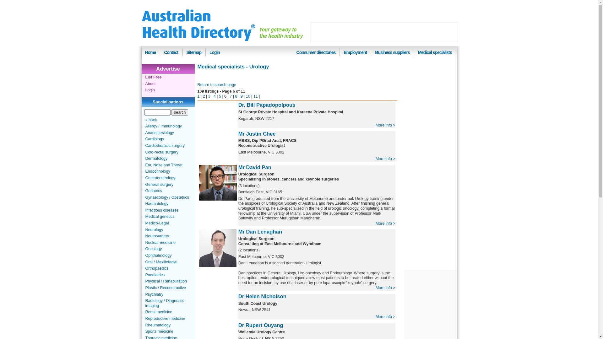  Describe the element at coordinates (375, 223) in the screenshot. I see `'More info >'` at that location.